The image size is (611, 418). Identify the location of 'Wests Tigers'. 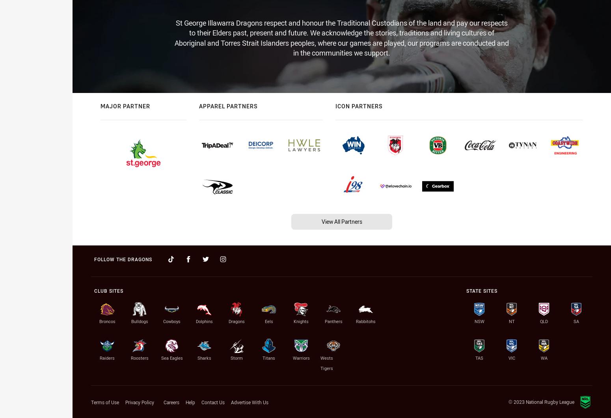
(326, 362).